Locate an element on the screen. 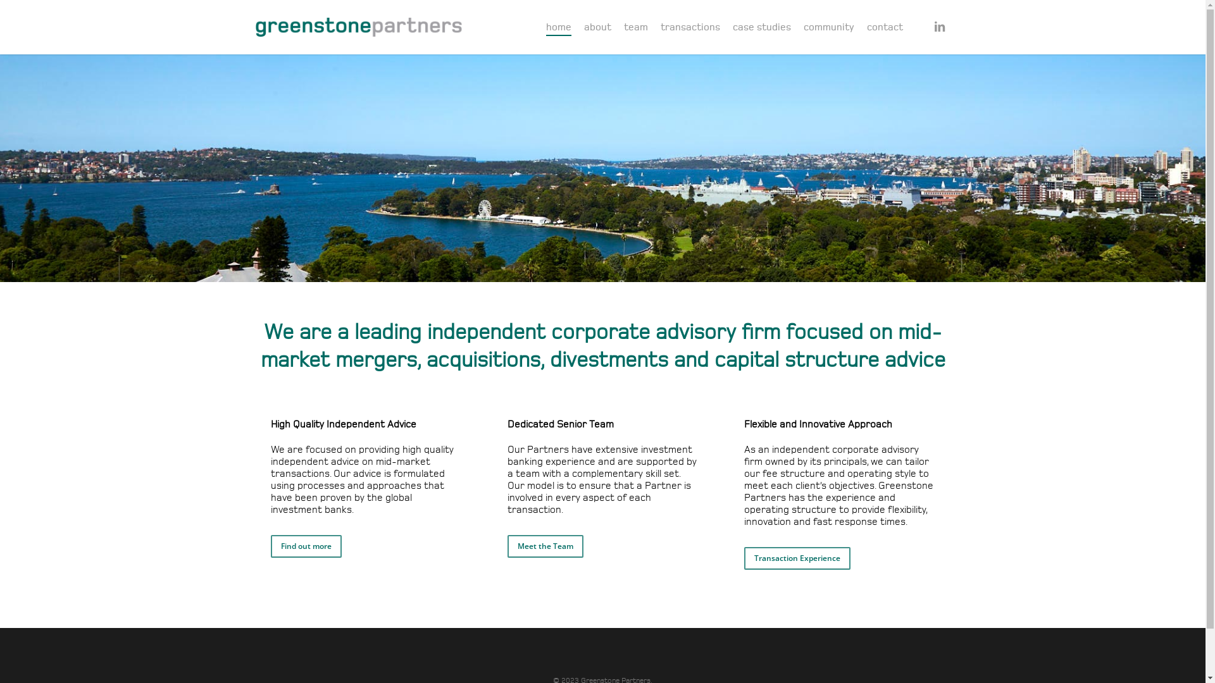 Image resolution: width=1215 pixels, height=683 pixels. 'about' is located at coordinates (596, 27).